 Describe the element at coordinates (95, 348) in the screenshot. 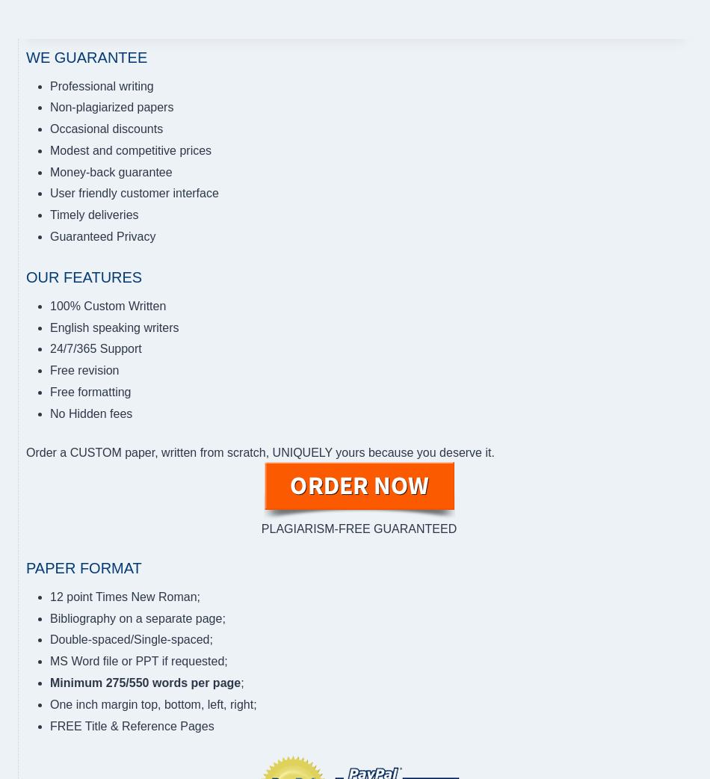

I see `'24/7/365 Support'` at that location.